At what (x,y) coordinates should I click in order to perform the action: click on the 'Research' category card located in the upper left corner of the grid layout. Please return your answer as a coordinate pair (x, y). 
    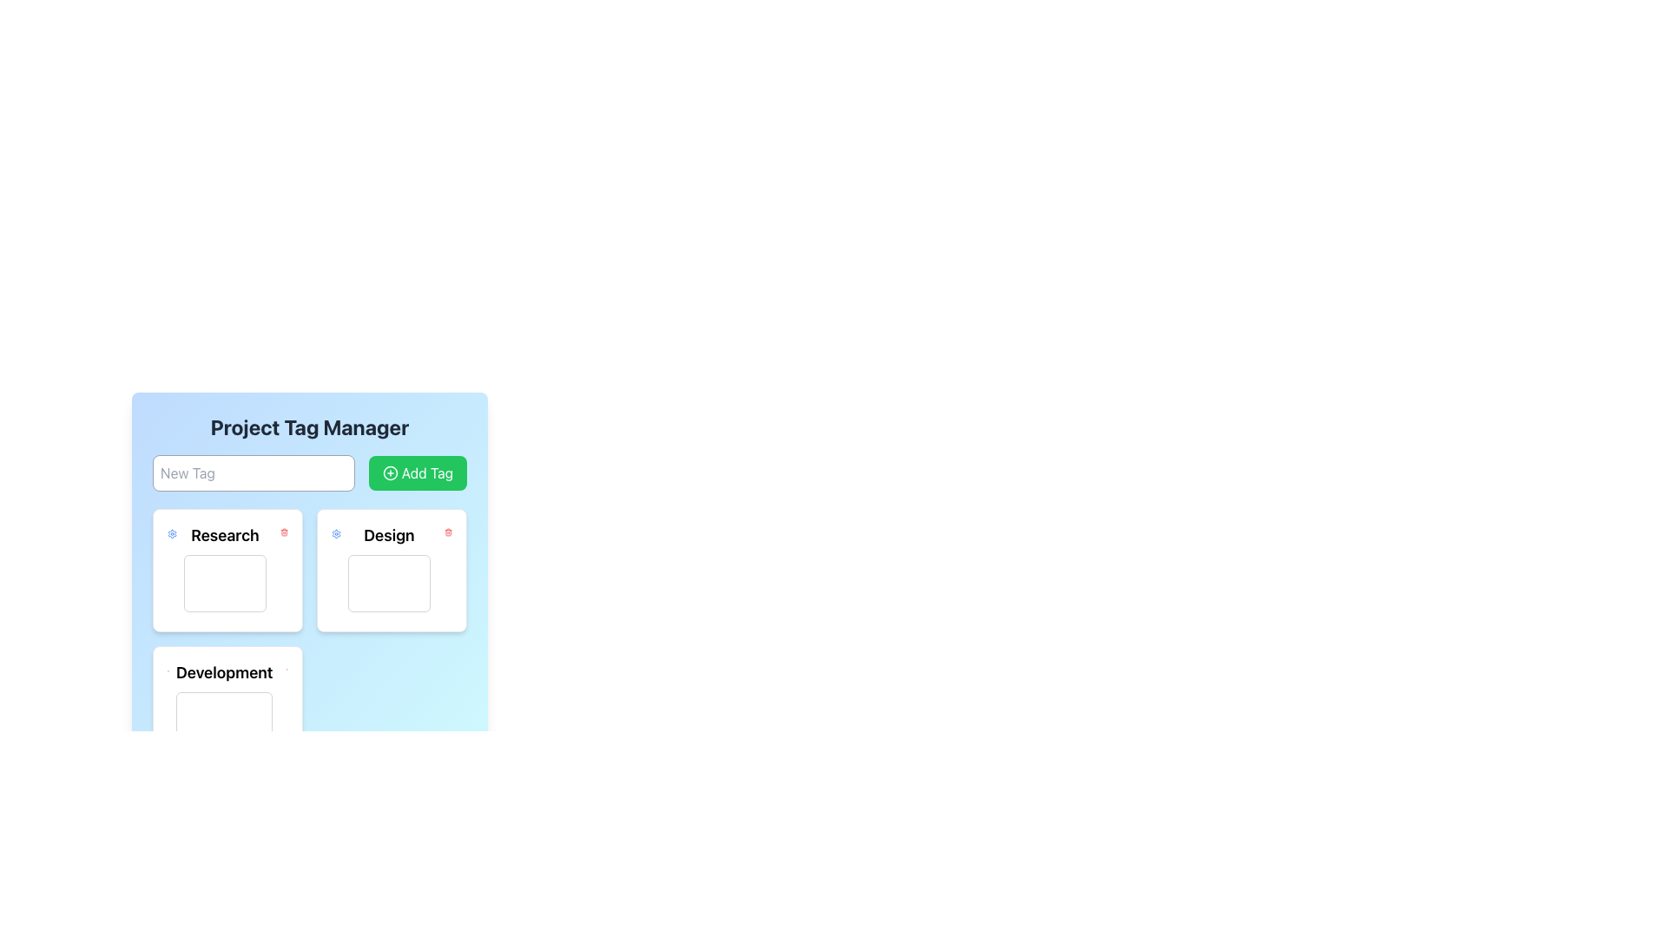
    Looking at the image, I should click on (227, 570).